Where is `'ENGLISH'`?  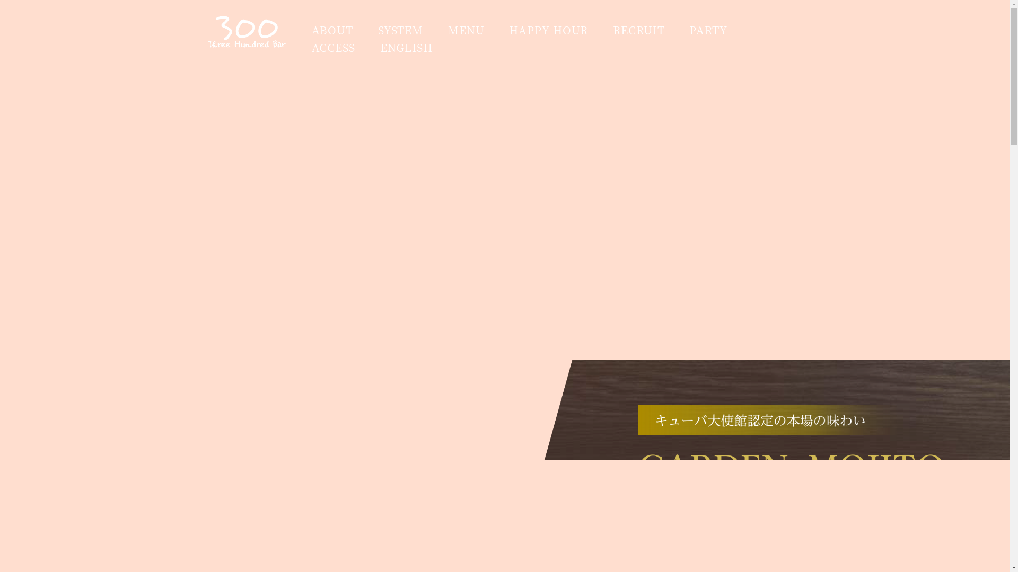
'ENGLISH' is located at coordinates (406, 47).